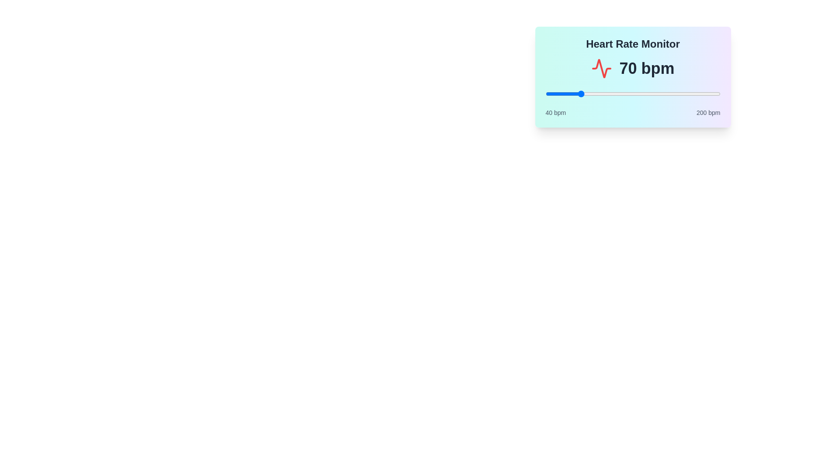 The image size is (839, 472). What do you see at coordinates (711, 94) in the screenshot?
I see `the heart rate slider to 192 bpm` at bounding box center [711, 94].